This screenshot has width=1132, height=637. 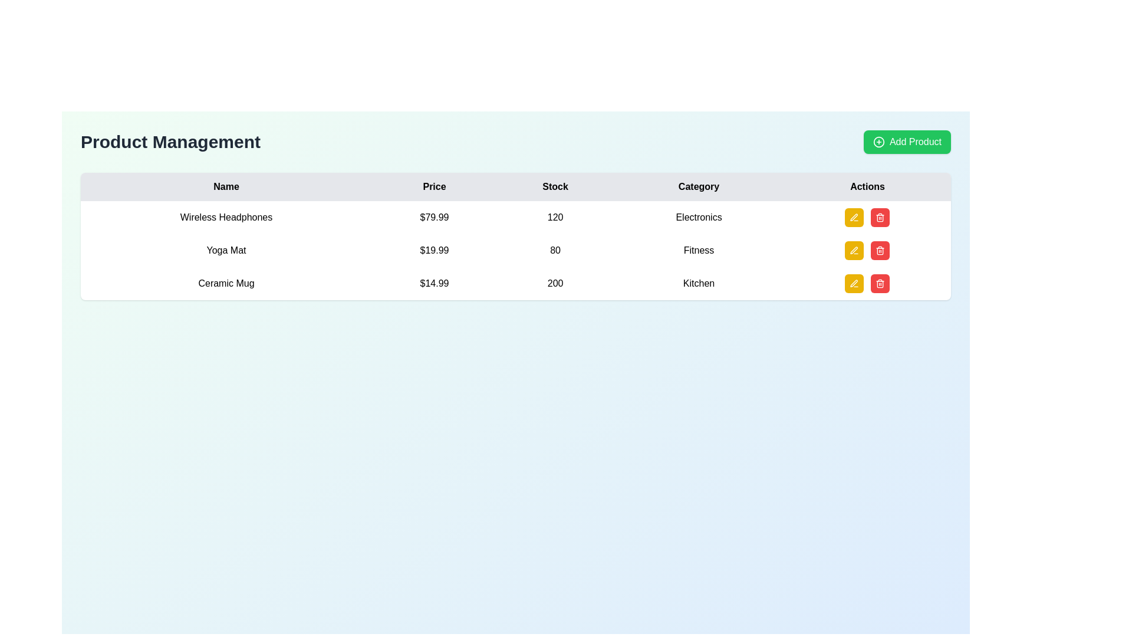 I want to click on the static text display showing the stock quantity of the product 'Yoga Mat', located in the third column labeled 'Stock' of the table, second row, between the price '$19.99' and the category 'Fitness', so click(x=555, y=249).